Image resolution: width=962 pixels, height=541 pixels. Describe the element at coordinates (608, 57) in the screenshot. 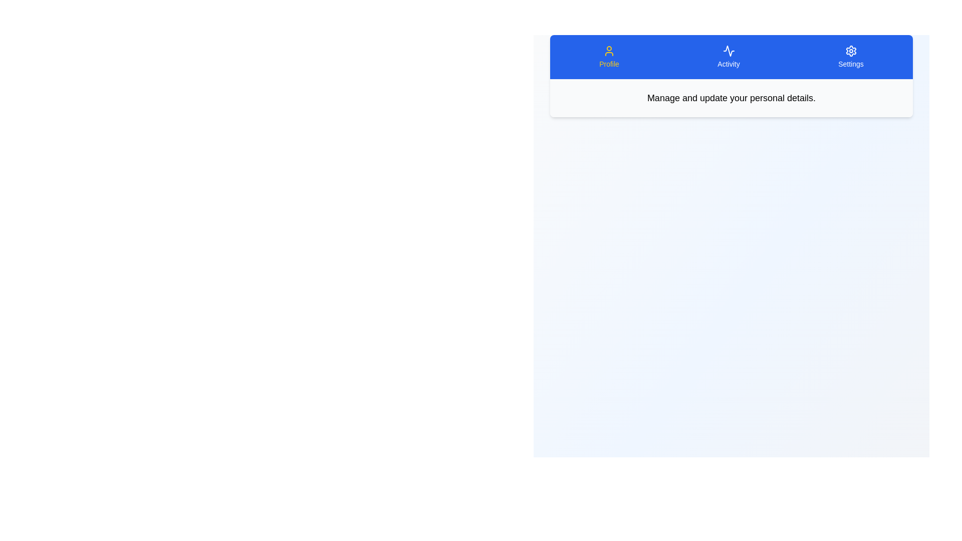

I see `the Profile icon to activate the corresponding tab` at that location.